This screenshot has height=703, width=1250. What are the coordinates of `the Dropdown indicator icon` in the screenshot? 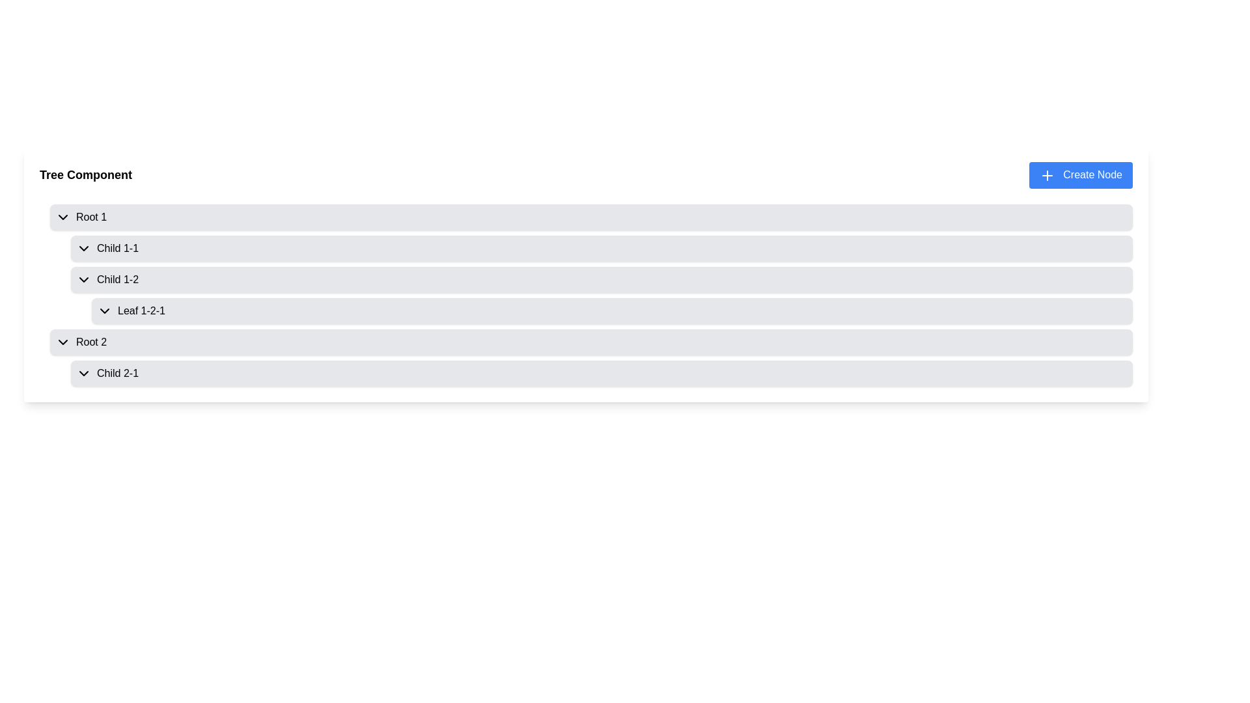 It's located at (62, 340).